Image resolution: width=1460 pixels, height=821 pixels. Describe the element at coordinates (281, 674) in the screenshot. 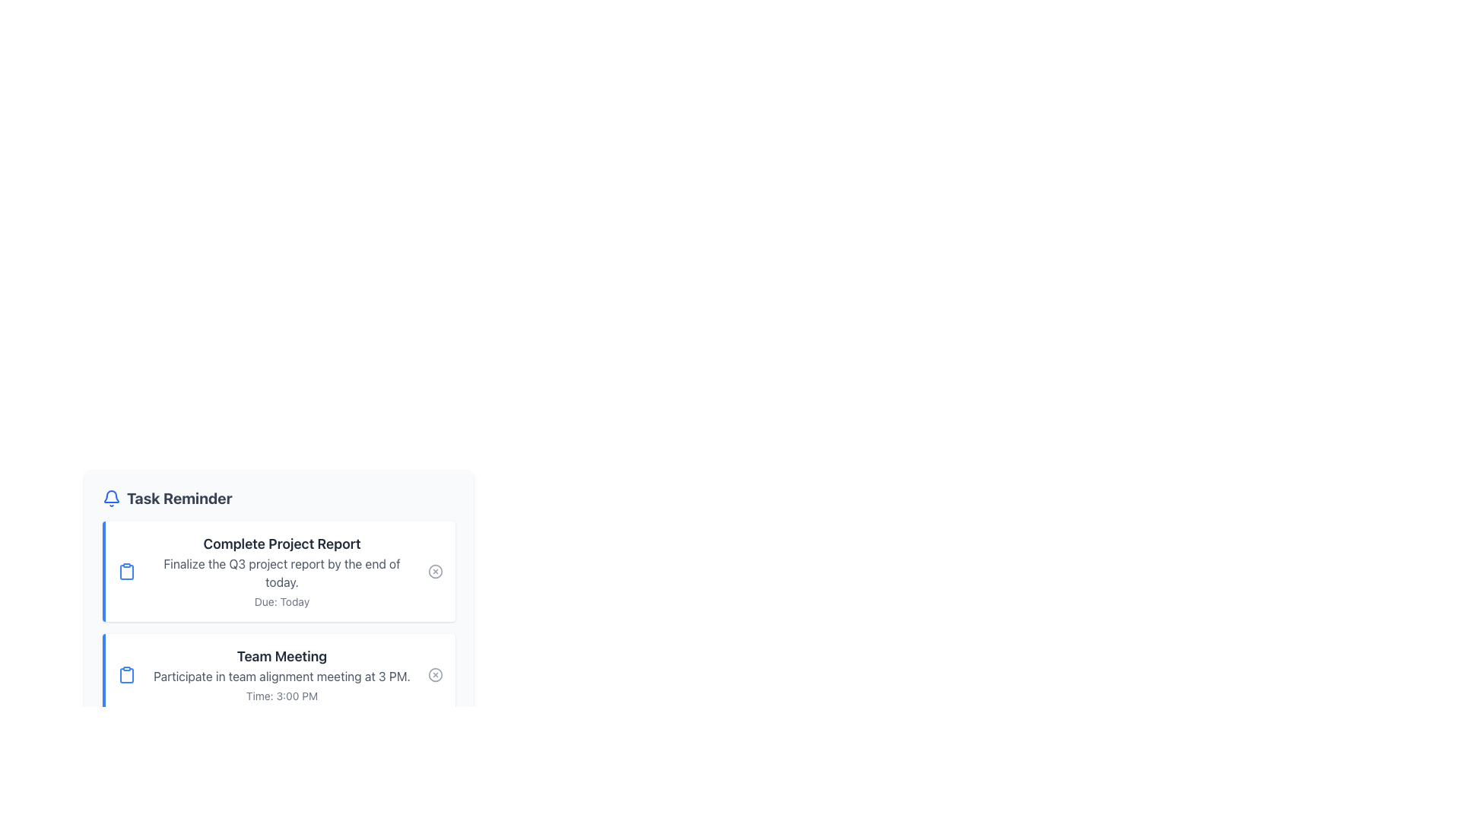

I see `the Task item display component titled 'Team Meeting'` at that location.